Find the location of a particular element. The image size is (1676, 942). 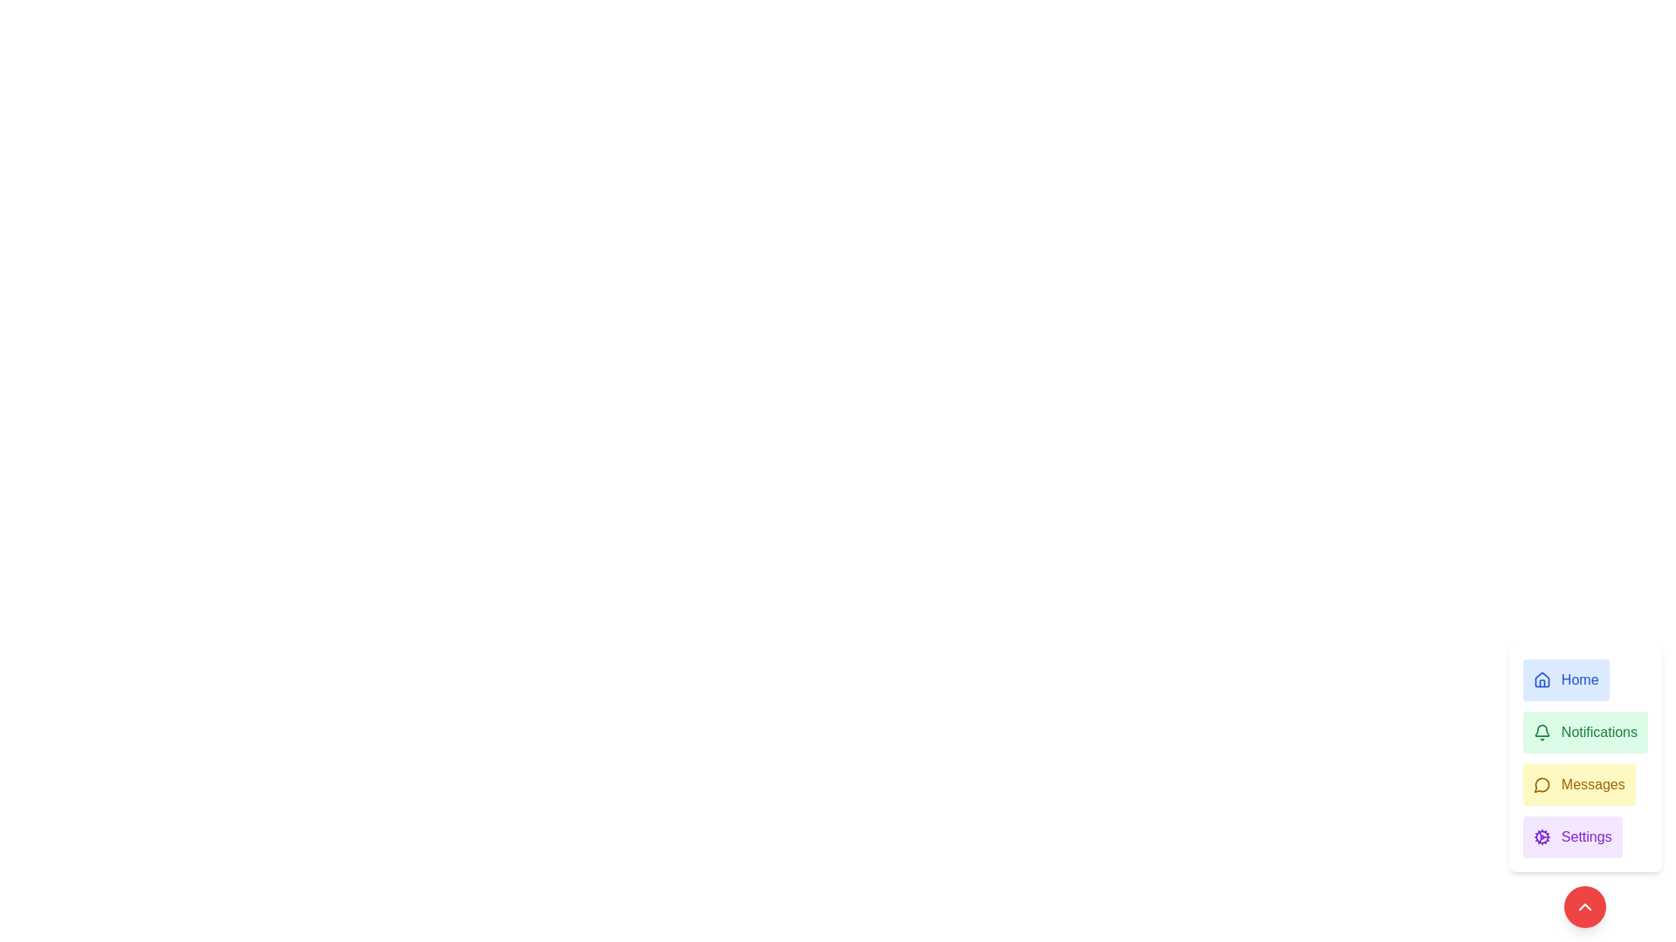

the 'Notifications' text button, which is styled in green text on a light green background and is located in the right-side floating navigation menu, directly below the blue 'Home' button is located at coordinates (1599, 733).